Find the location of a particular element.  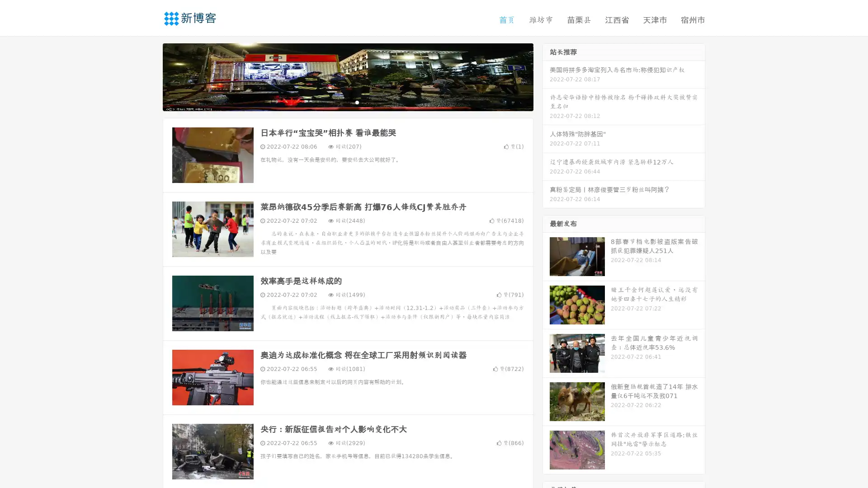

Go to slide 1 is located at coordinates (338, 102).